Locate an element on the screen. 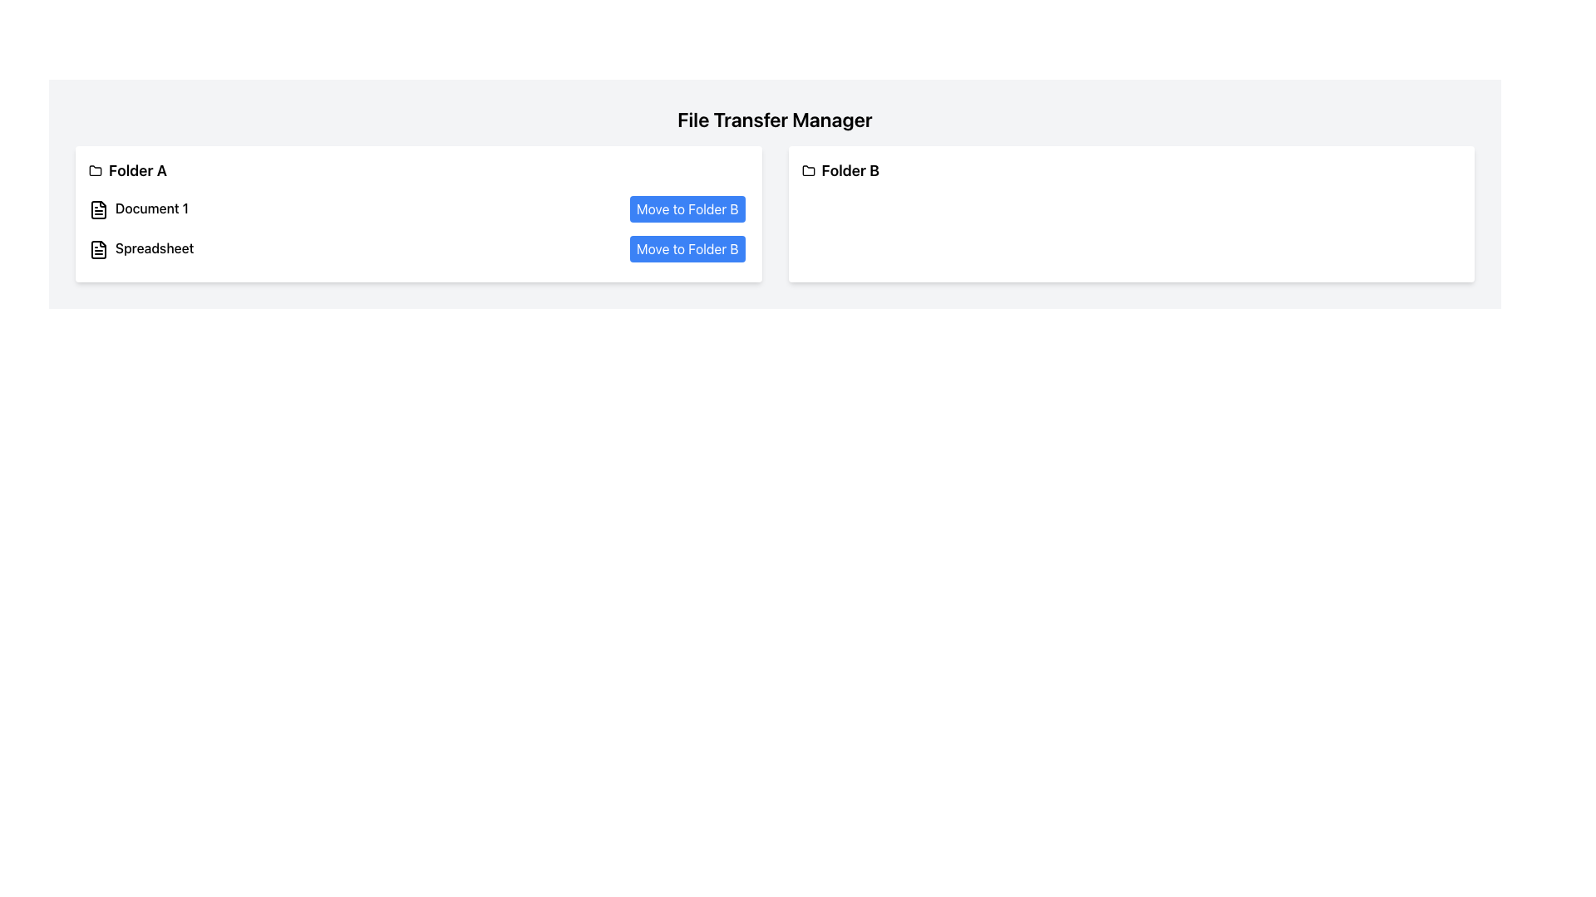  text label 'Folder B' located to the right of the folder icon in the right side section of the main interface is located at coordinates (850, 170).